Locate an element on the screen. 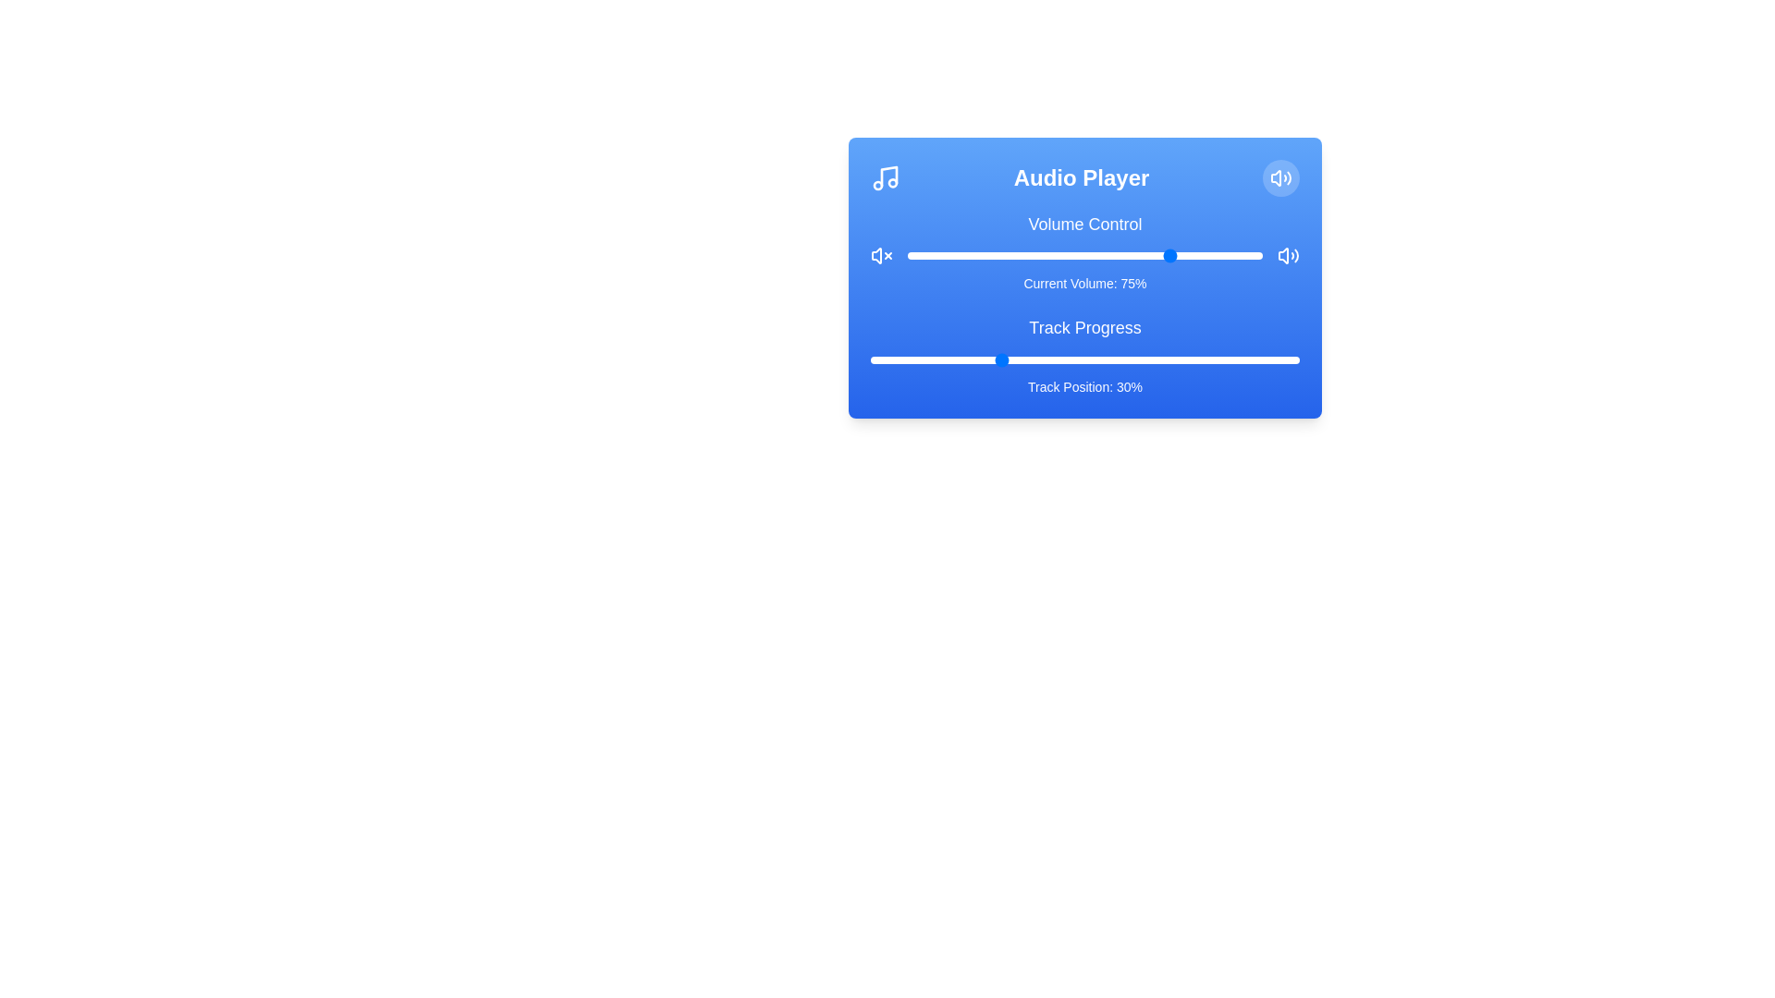  the icon button located at the far-right side of the volume control section in the audio player interface is located at coordinates (1287, 256).